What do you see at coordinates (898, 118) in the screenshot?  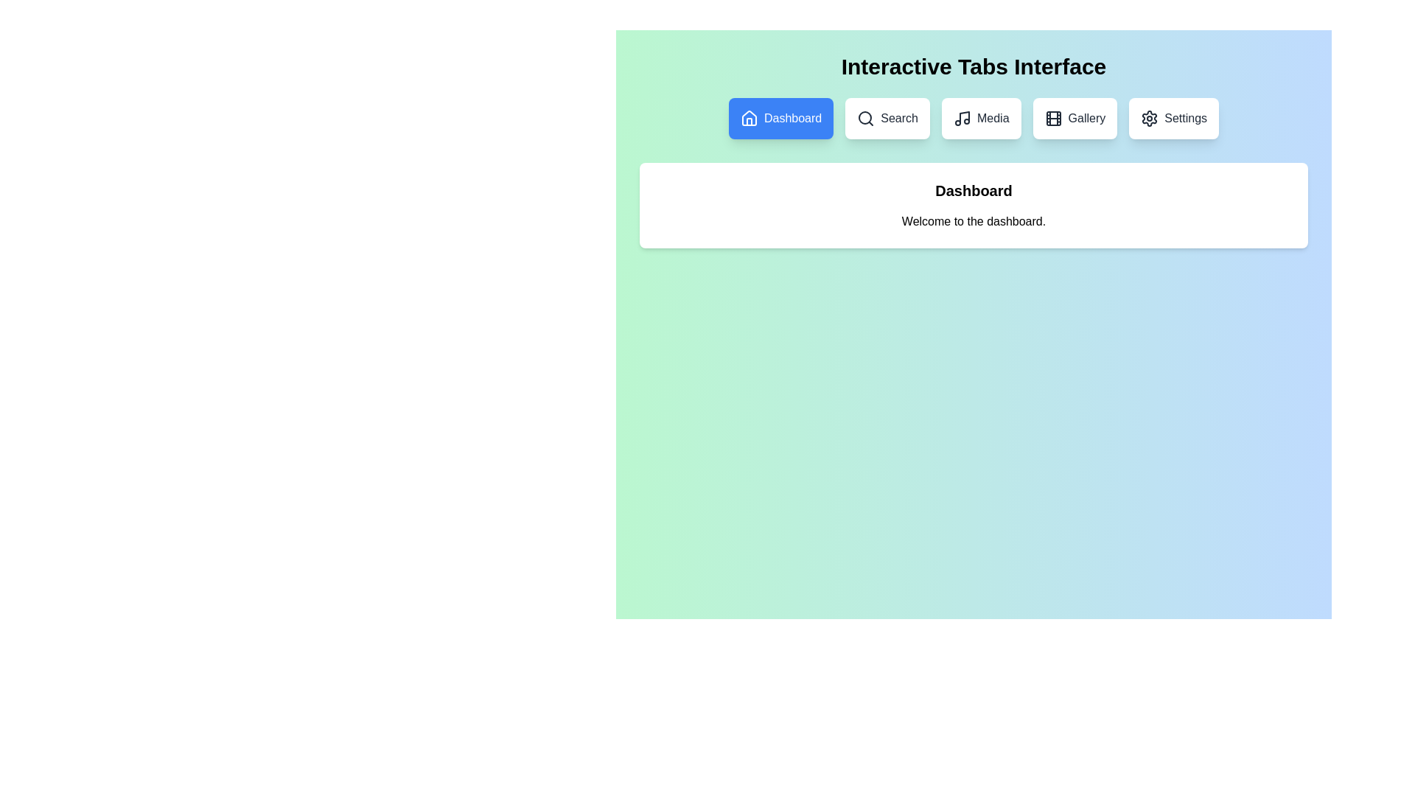 I see `static text label indicating the purpose of the search button, which is located in the navigation bar and displays the text 'Search'` at bounding box center [898, 118].